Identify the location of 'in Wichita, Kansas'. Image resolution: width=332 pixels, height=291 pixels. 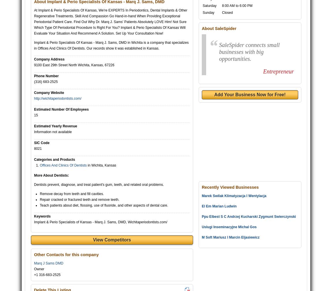
(101, 165).